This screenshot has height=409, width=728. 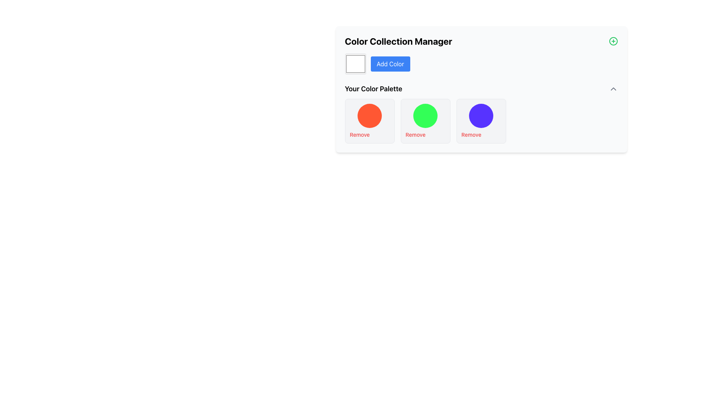 I want to click on the circular icon with a green outline and a centered plus sign located at the far-right corner of the header bar labeled 'Color Collection Manager', so click(x=613, y=41).